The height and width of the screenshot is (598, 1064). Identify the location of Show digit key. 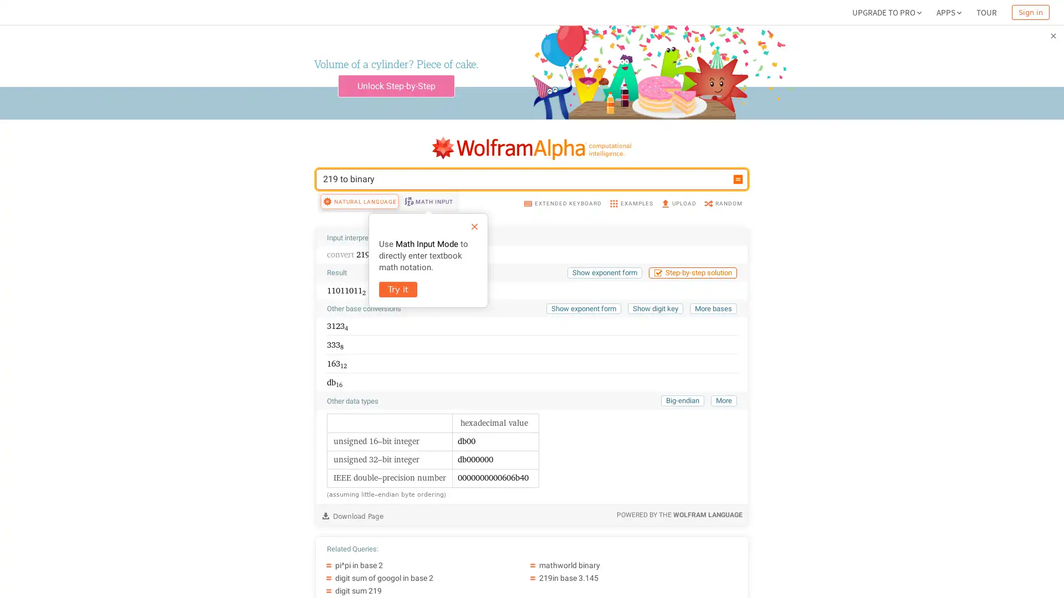
(655, 329).